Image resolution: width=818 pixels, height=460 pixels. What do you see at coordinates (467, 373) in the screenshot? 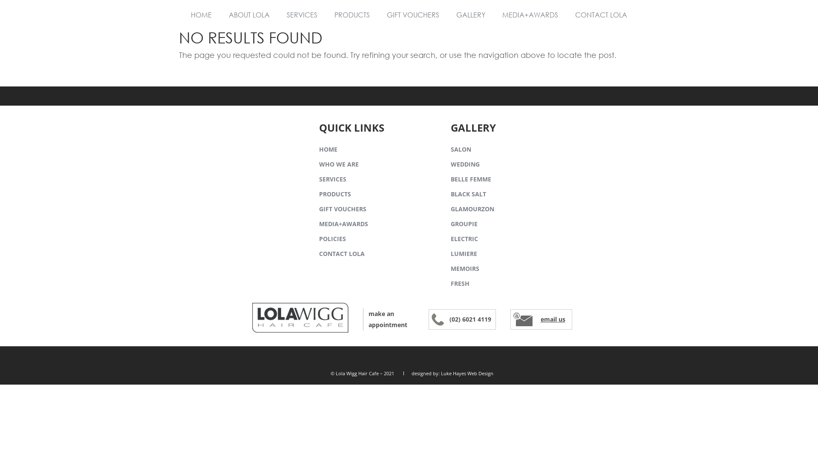
I see `'Luke Hayes Web Design'` at bounding box center [467, 373].